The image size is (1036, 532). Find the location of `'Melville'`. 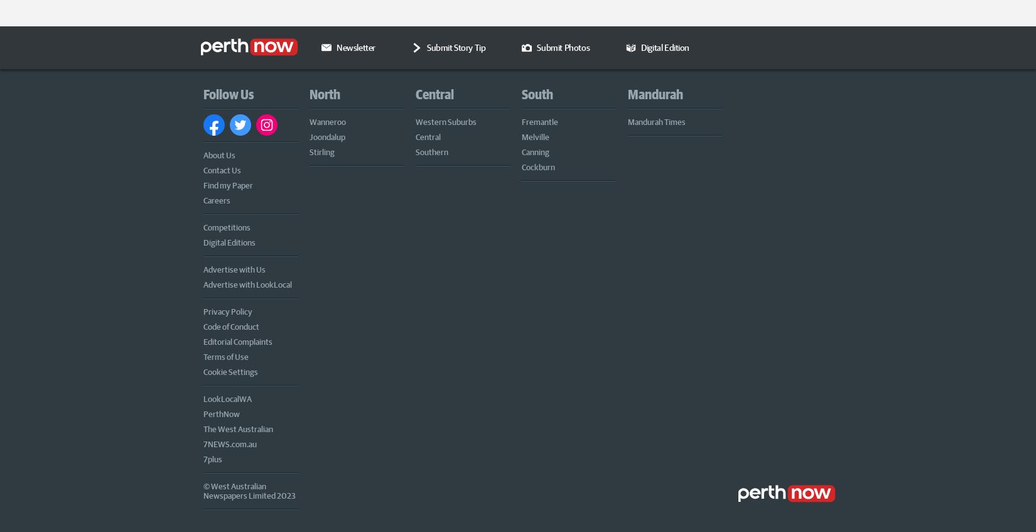

'Melville' is located at coordinates (535, 135).